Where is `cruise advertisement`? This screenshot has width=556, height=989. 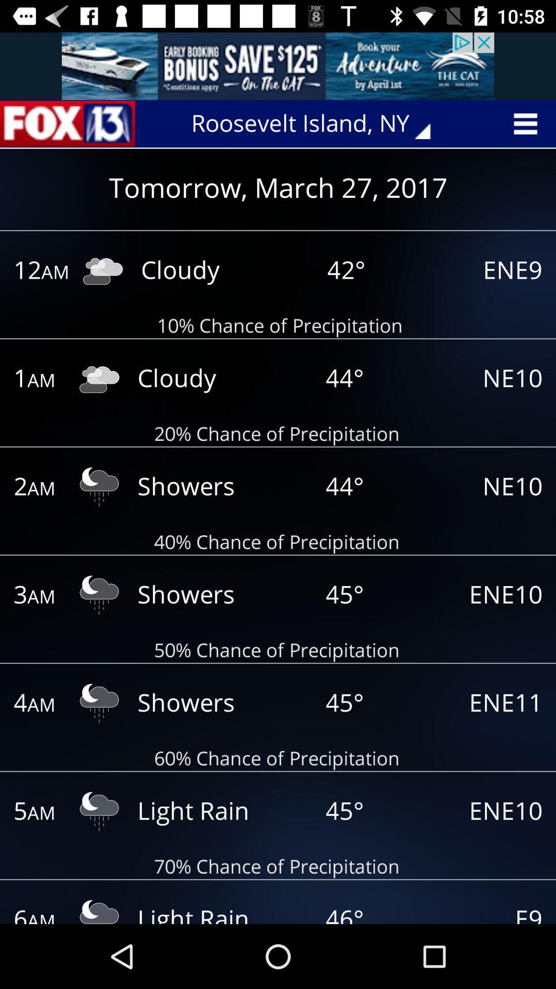
cruise advertisement is located at coordinates (278, 65).